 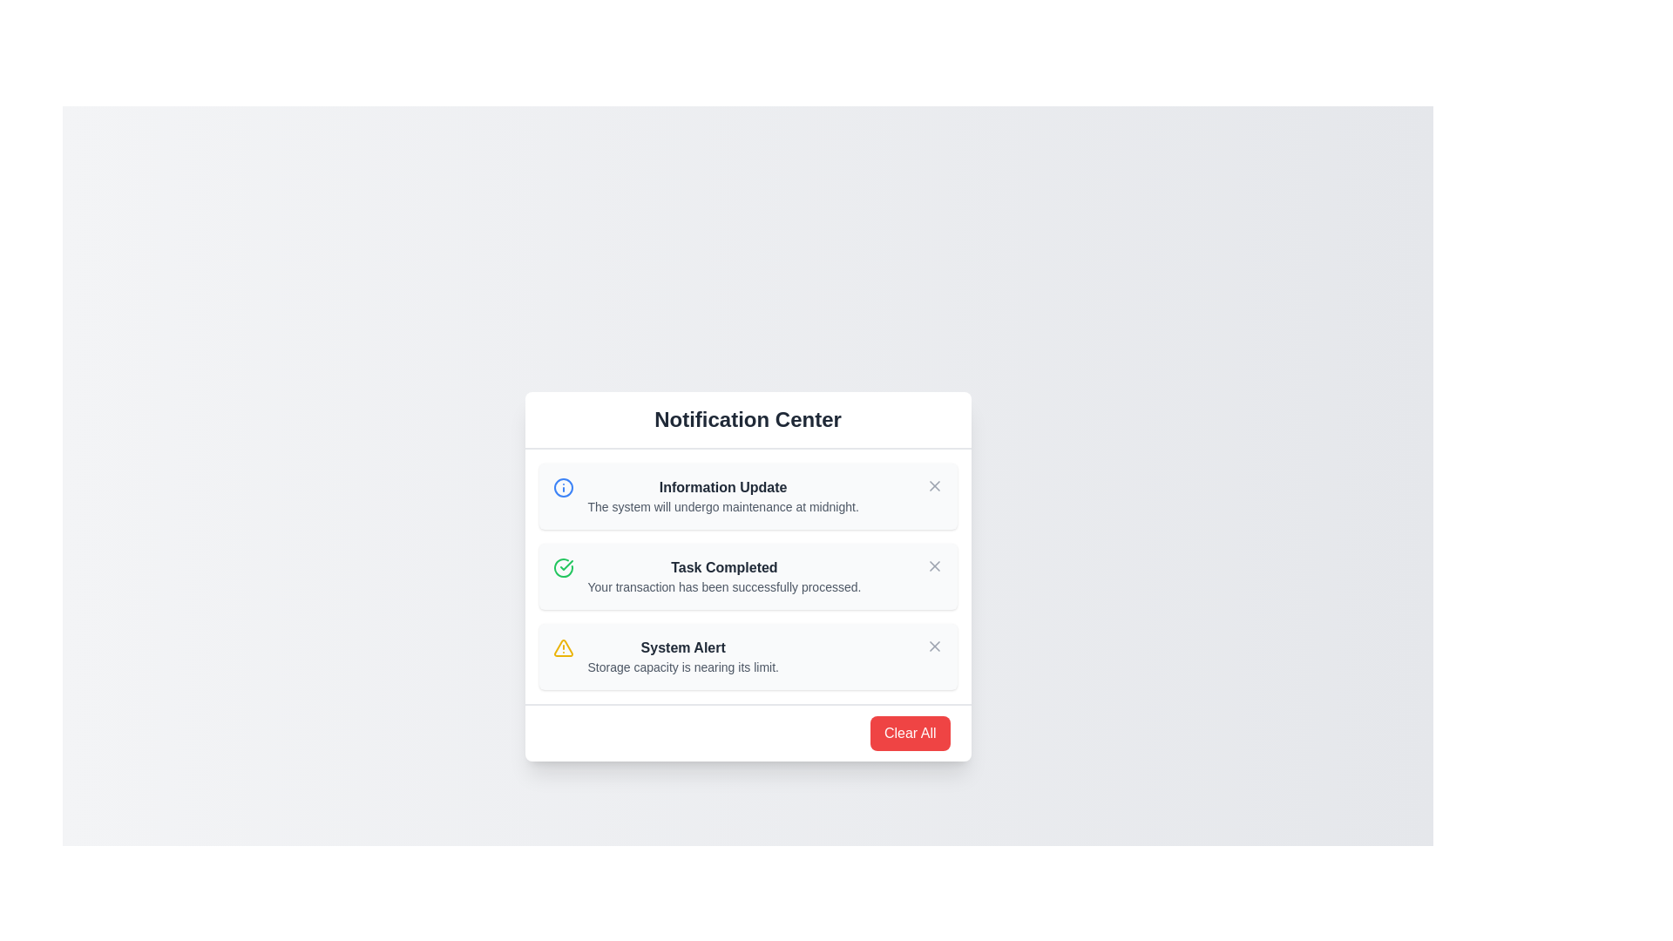 What do you see at coordinates (933, 486) in the screenshot?
I see `the 'X' shaped close icon in the SVG element next to the 'Information Update' notification` at bounding box center [933, 486].